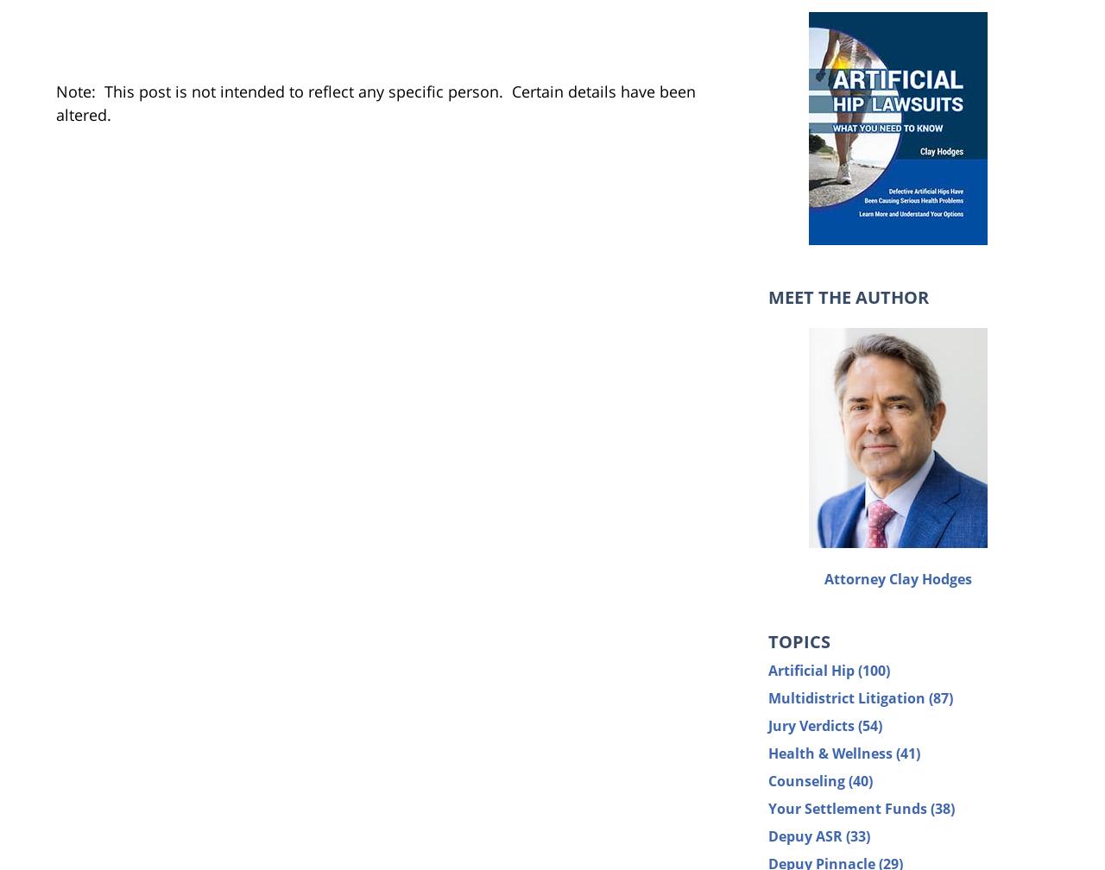 This screenshot has width=1105, height=870. I want to click on 'Jury Verdicts', so click(811, 724).